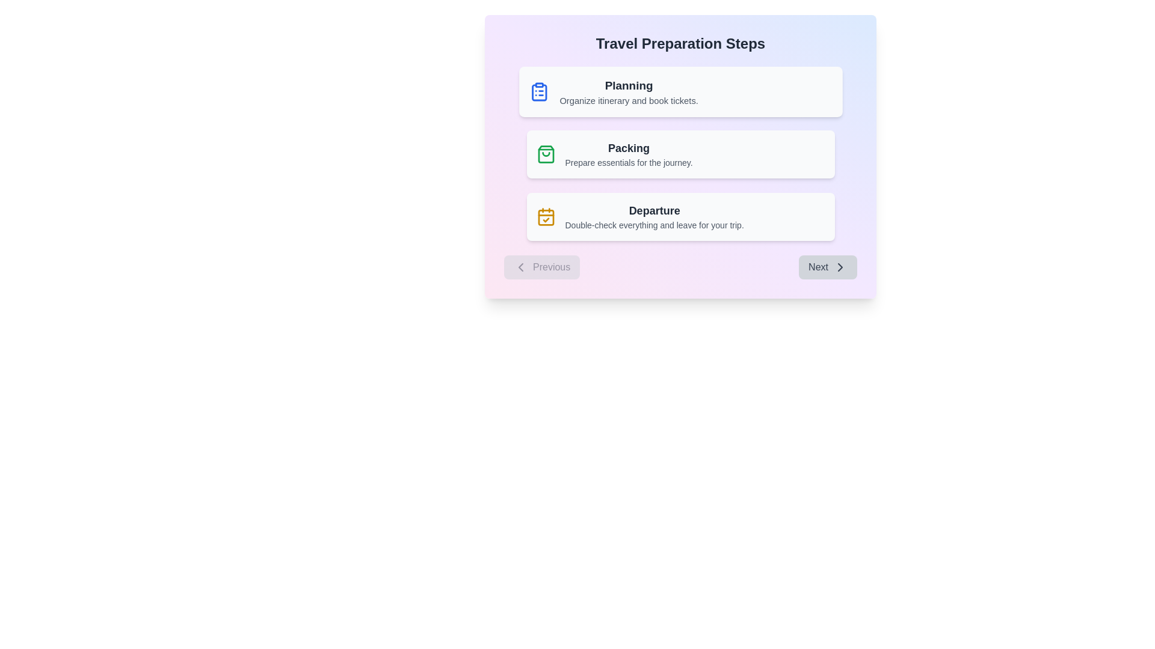 This screenshot has width=1155, height=649. I want to click on the blue clipboard icon with a list symbol, which is located on the left side of the 'Planning' section in the 'Travel Preparation Steps' layout, so click(538, 91).